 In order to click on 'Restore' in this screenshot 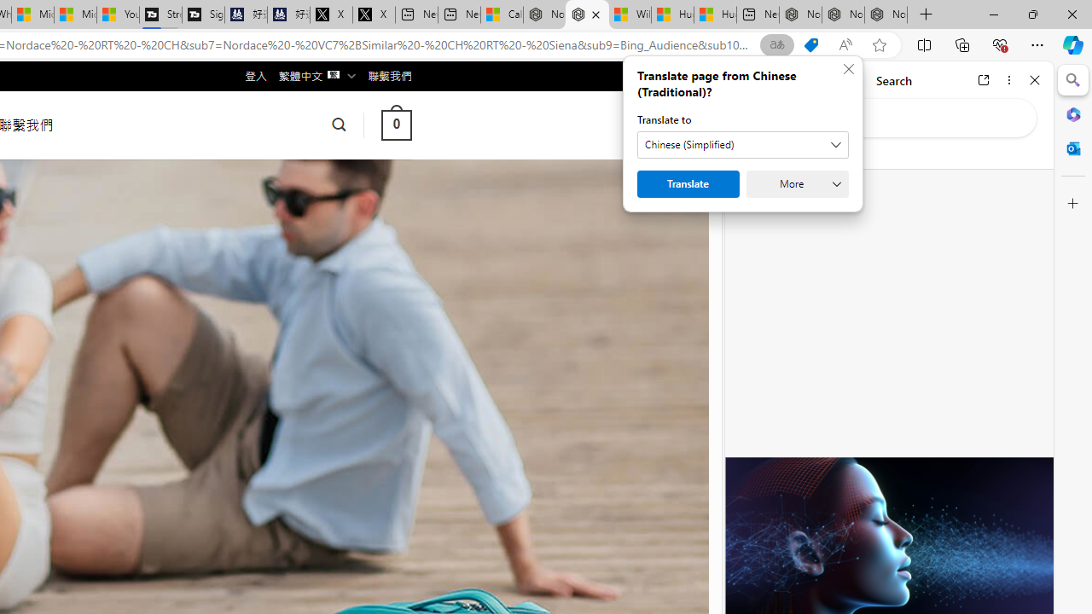, I will do `click(1031, 14)`.